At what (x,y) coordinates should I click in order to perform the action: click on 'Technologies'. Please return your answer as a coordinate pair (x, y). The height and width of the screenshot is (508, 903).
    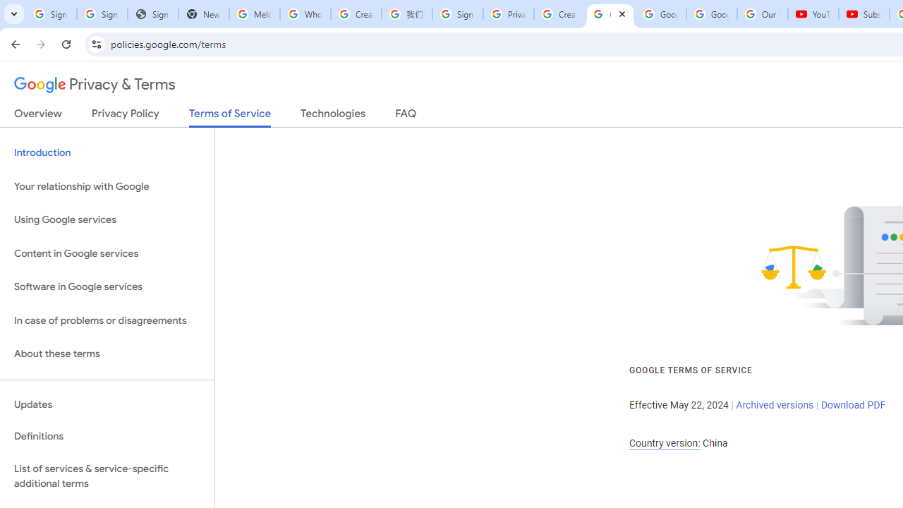
    Looking at the image, I should click on (332, 116).